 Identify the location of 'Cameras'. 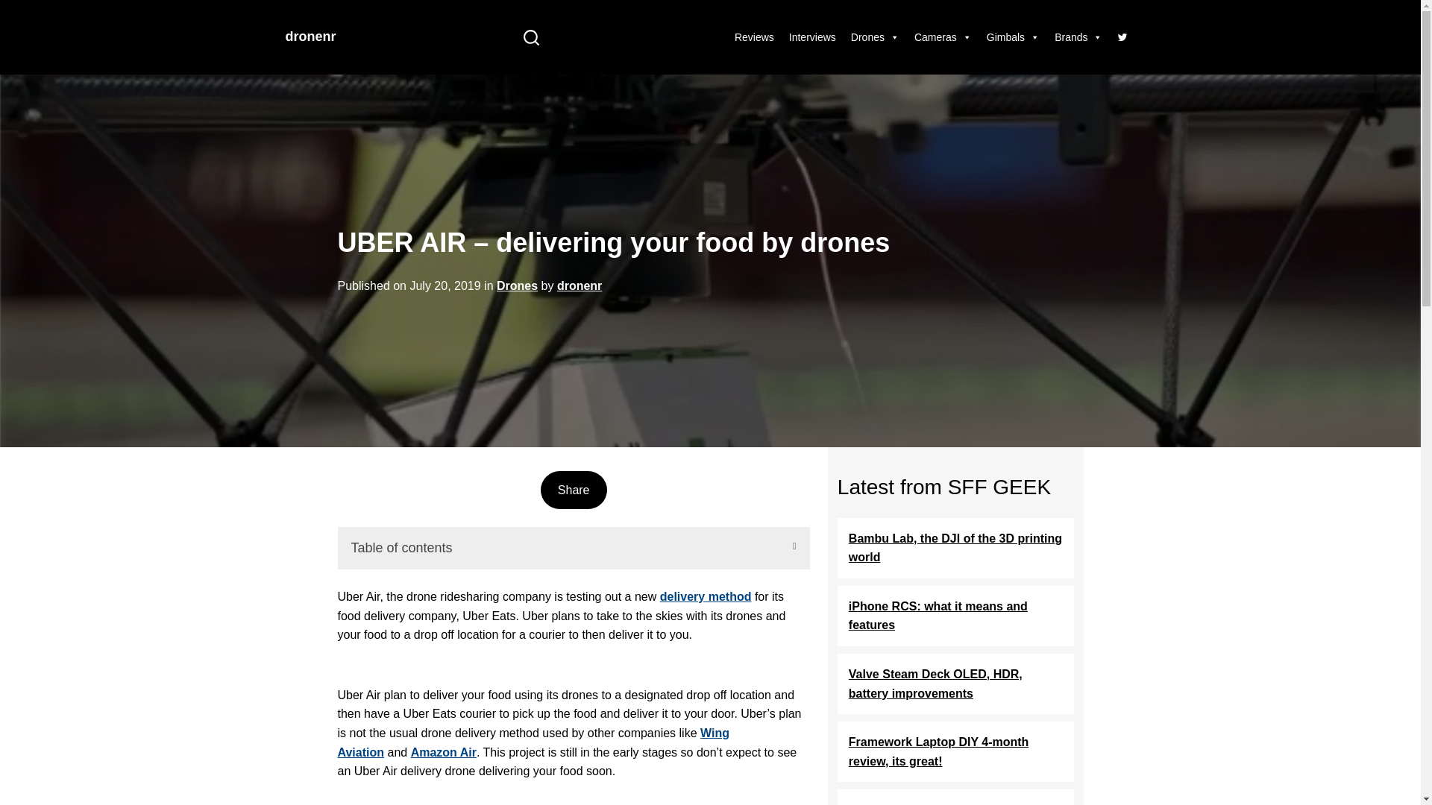
(942, 37).